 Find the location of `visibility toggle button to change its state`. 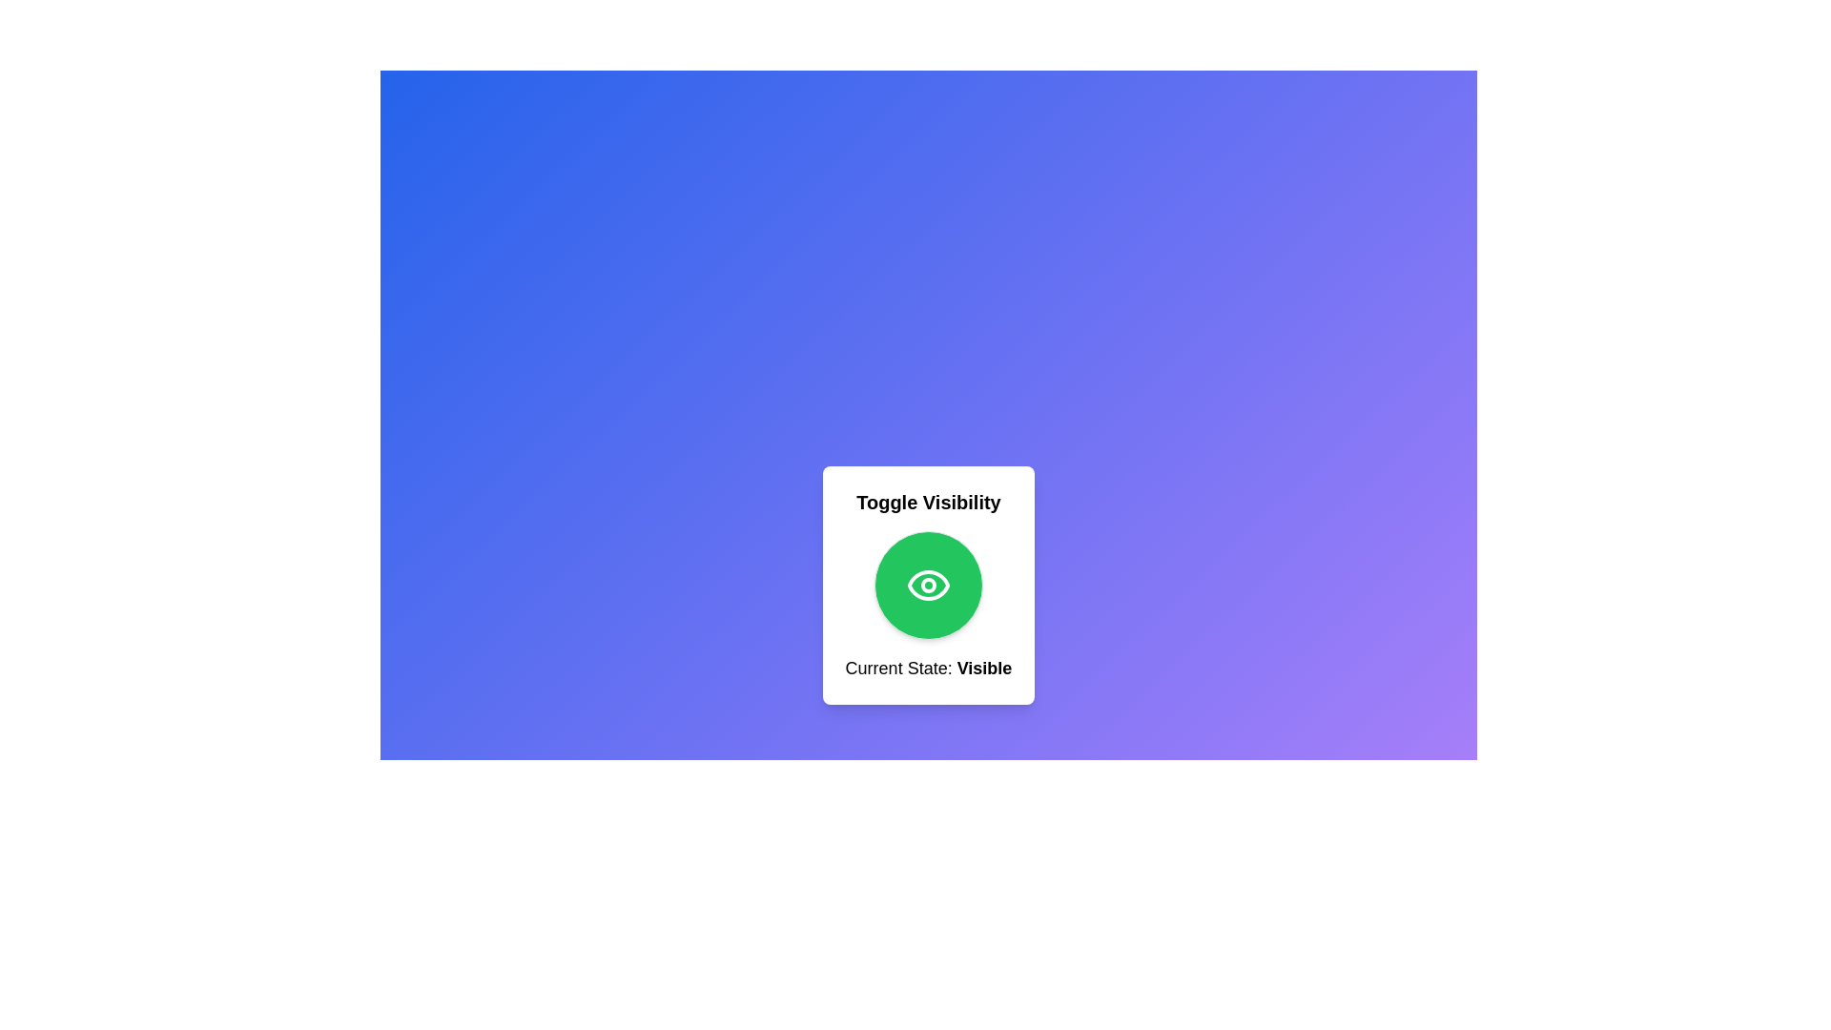

visibility toggle button to change its state is located at coordinates (929, 584).